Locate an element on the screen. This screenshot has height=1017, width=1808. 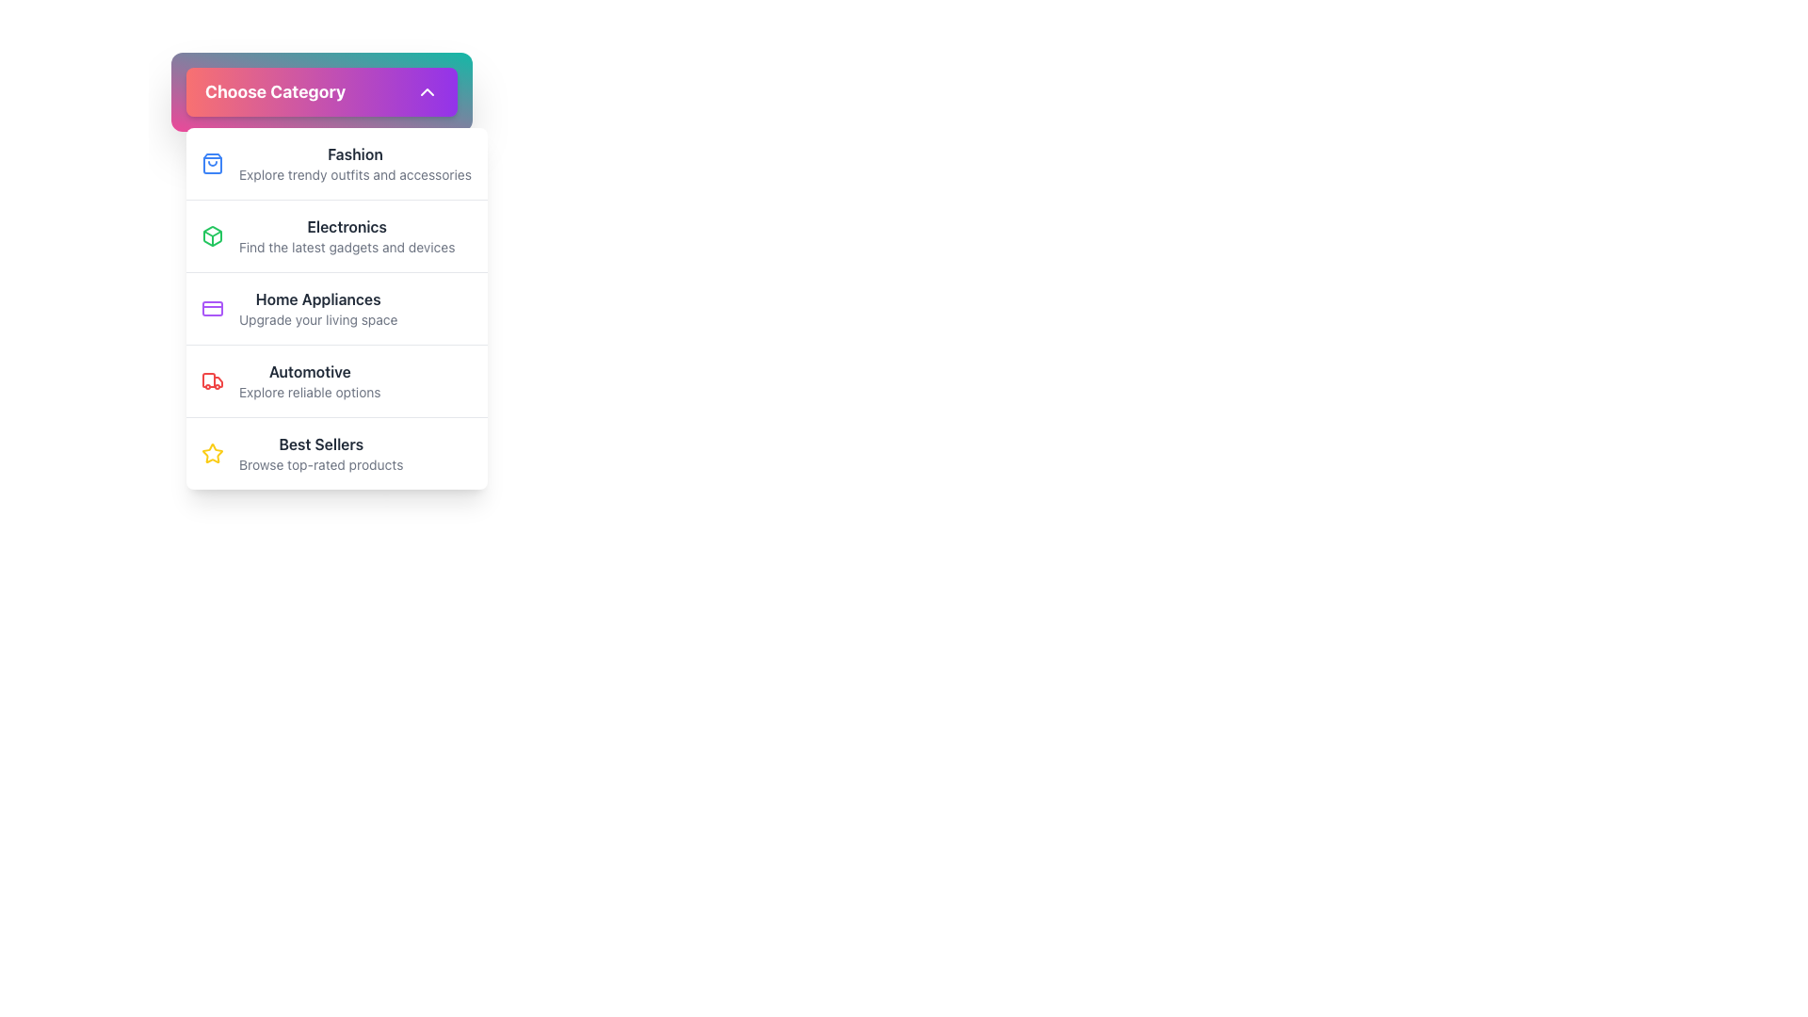
the 'Home Appliances' category selection option in the dropdown menu to change the view or redirect to the related page is located at coordinates (318, 307).